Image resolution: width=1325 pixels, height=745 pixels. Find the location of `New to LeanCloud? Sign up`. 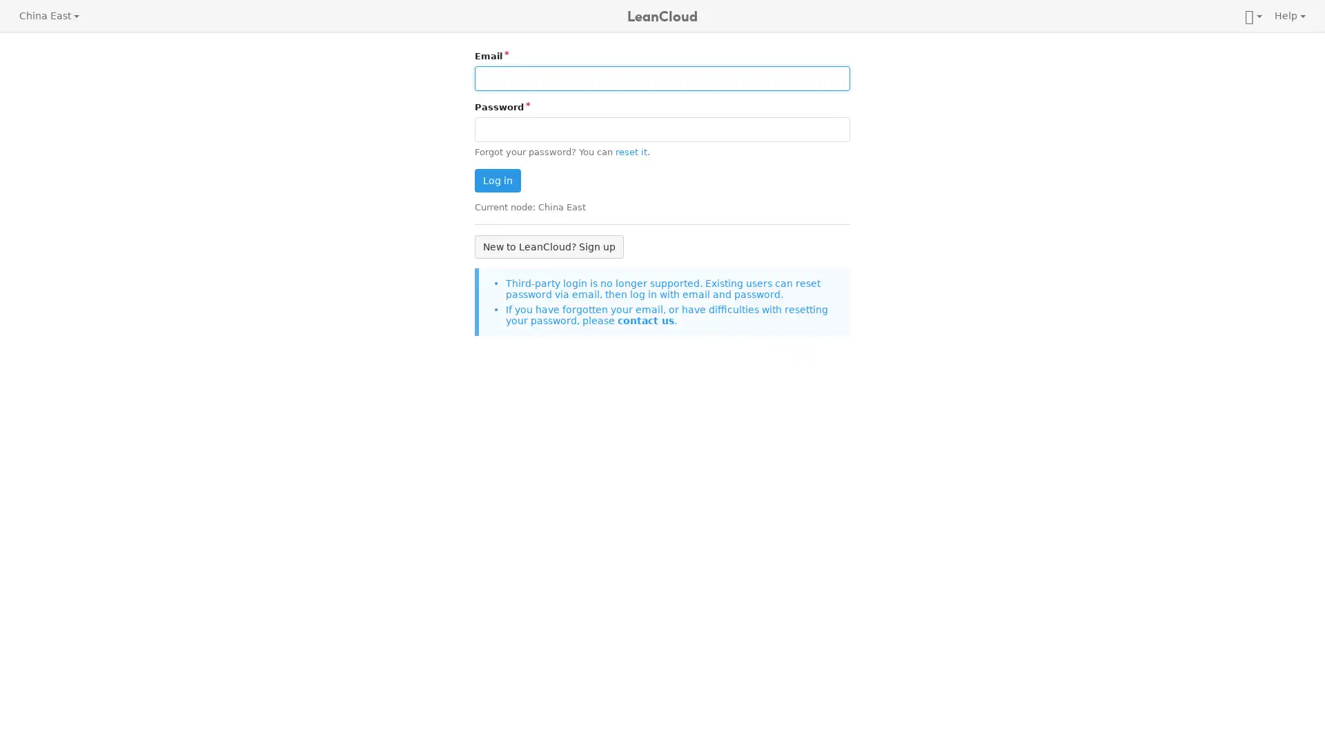

New to LeanCloud? Sign up is located at coordinates (549, 246).